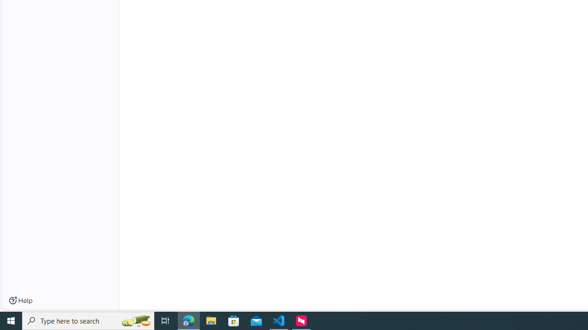 The width and height of the screenshot is (588, 330). I want to click on 'Help', so click(21, 300).